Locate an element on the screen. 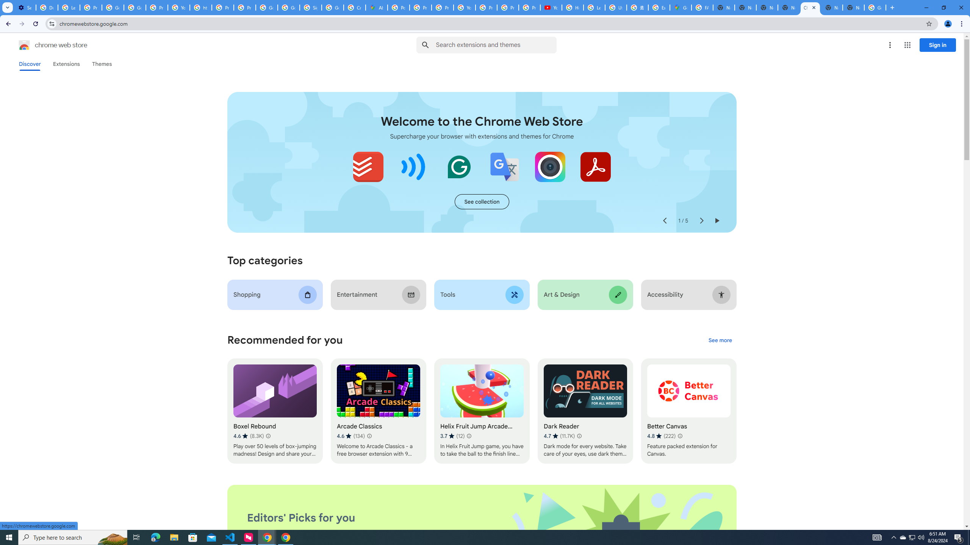 This screenshot has width=970, height=545. 'Learn more about results and reviews "Better Canvas"' is located at coordinates (679, 436).